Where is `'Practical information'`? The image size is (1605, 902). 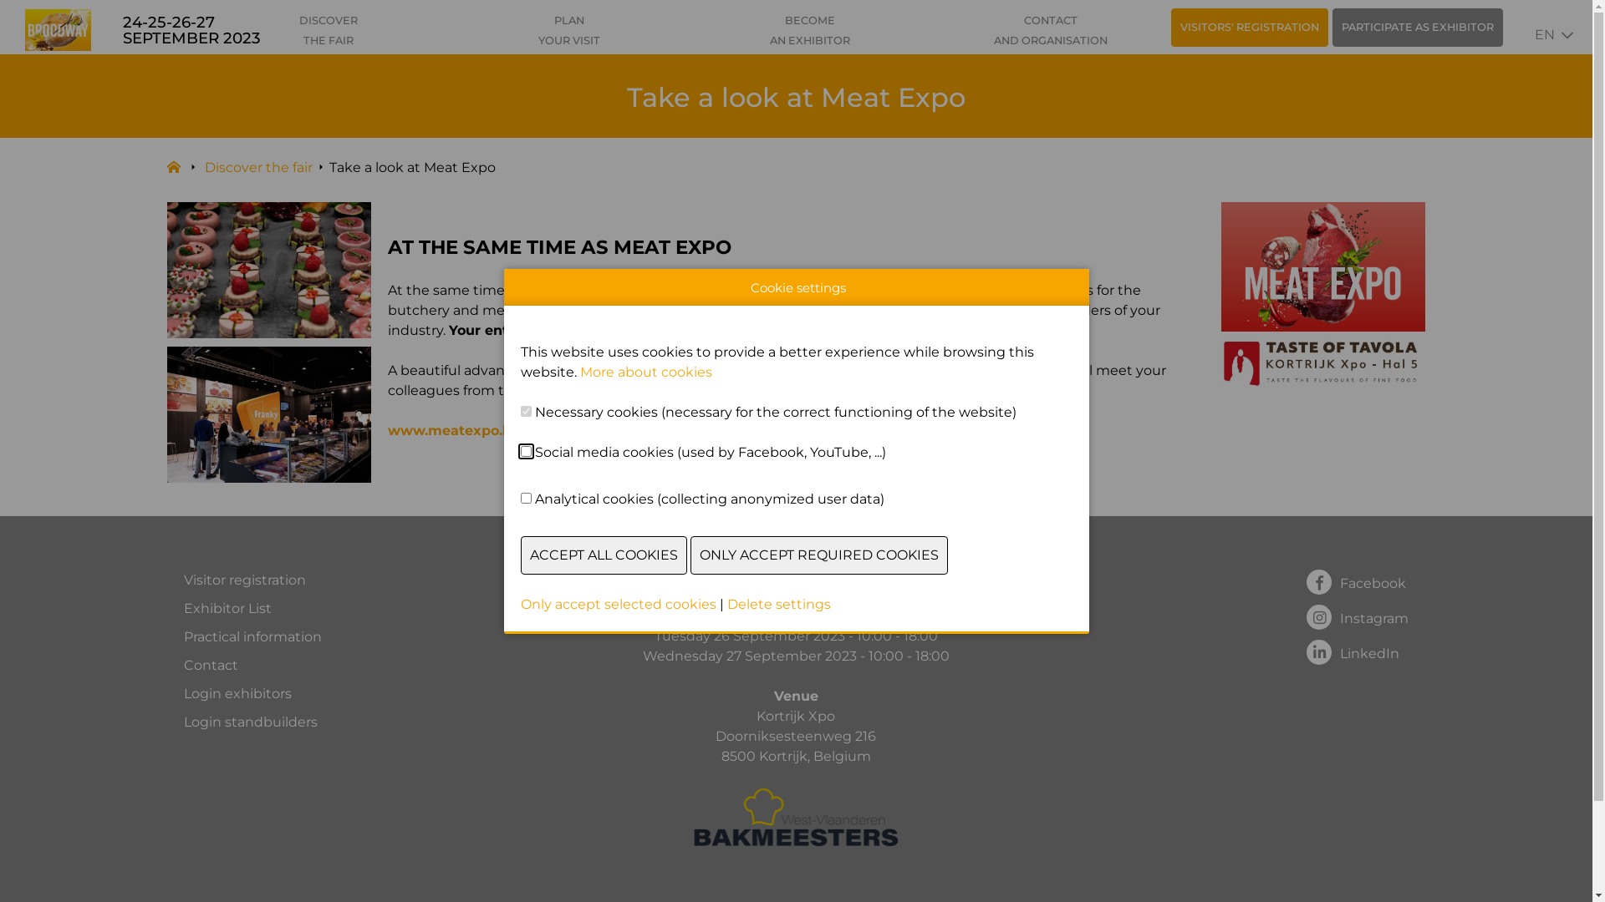
'Practical information' is located at coordinates (252, 637).